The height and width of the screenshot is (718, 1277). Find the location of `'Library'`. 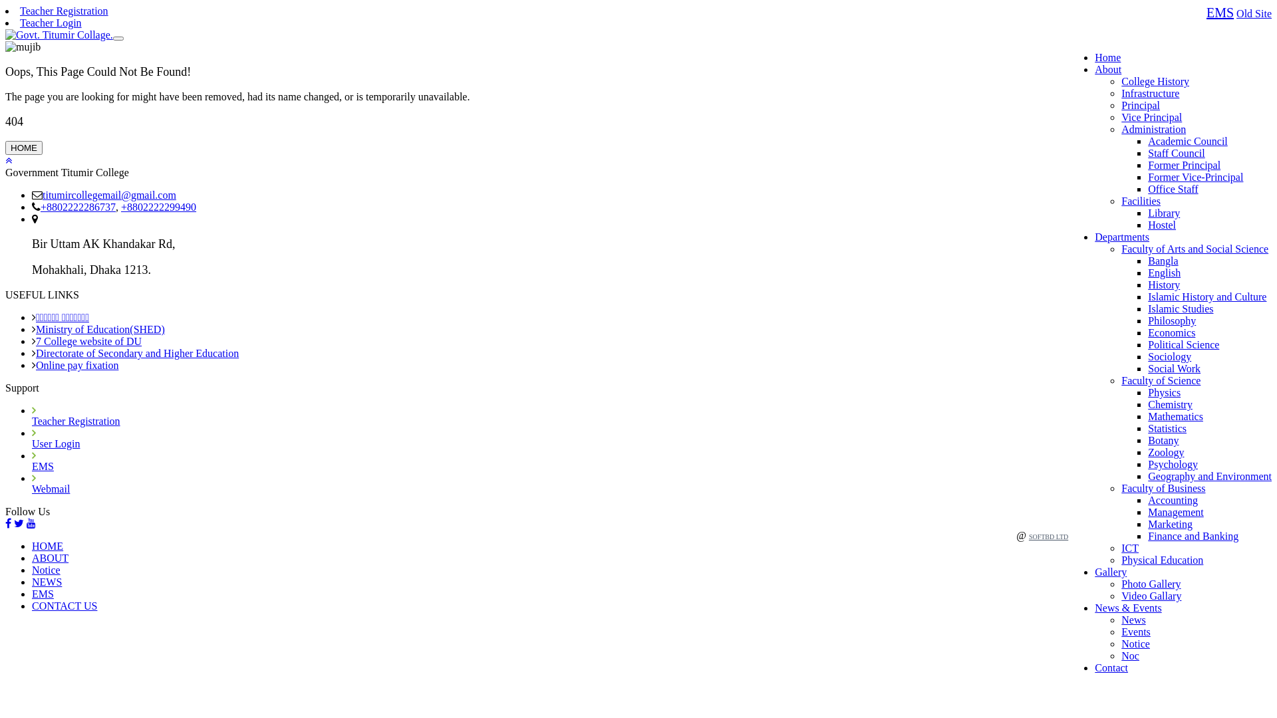

'Library' is located at coordinates (1163, 212).